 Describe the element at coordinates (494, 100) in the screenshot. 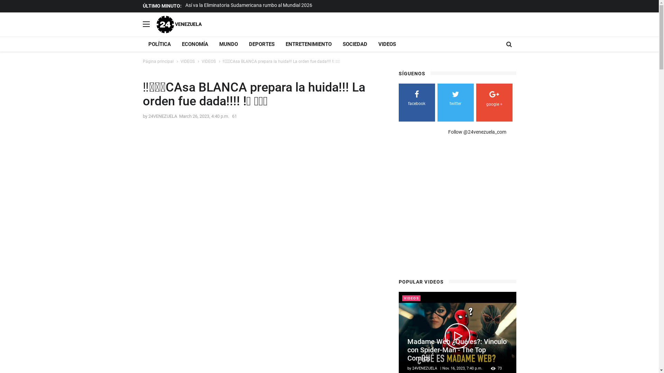

I see `'google +'` at that location.